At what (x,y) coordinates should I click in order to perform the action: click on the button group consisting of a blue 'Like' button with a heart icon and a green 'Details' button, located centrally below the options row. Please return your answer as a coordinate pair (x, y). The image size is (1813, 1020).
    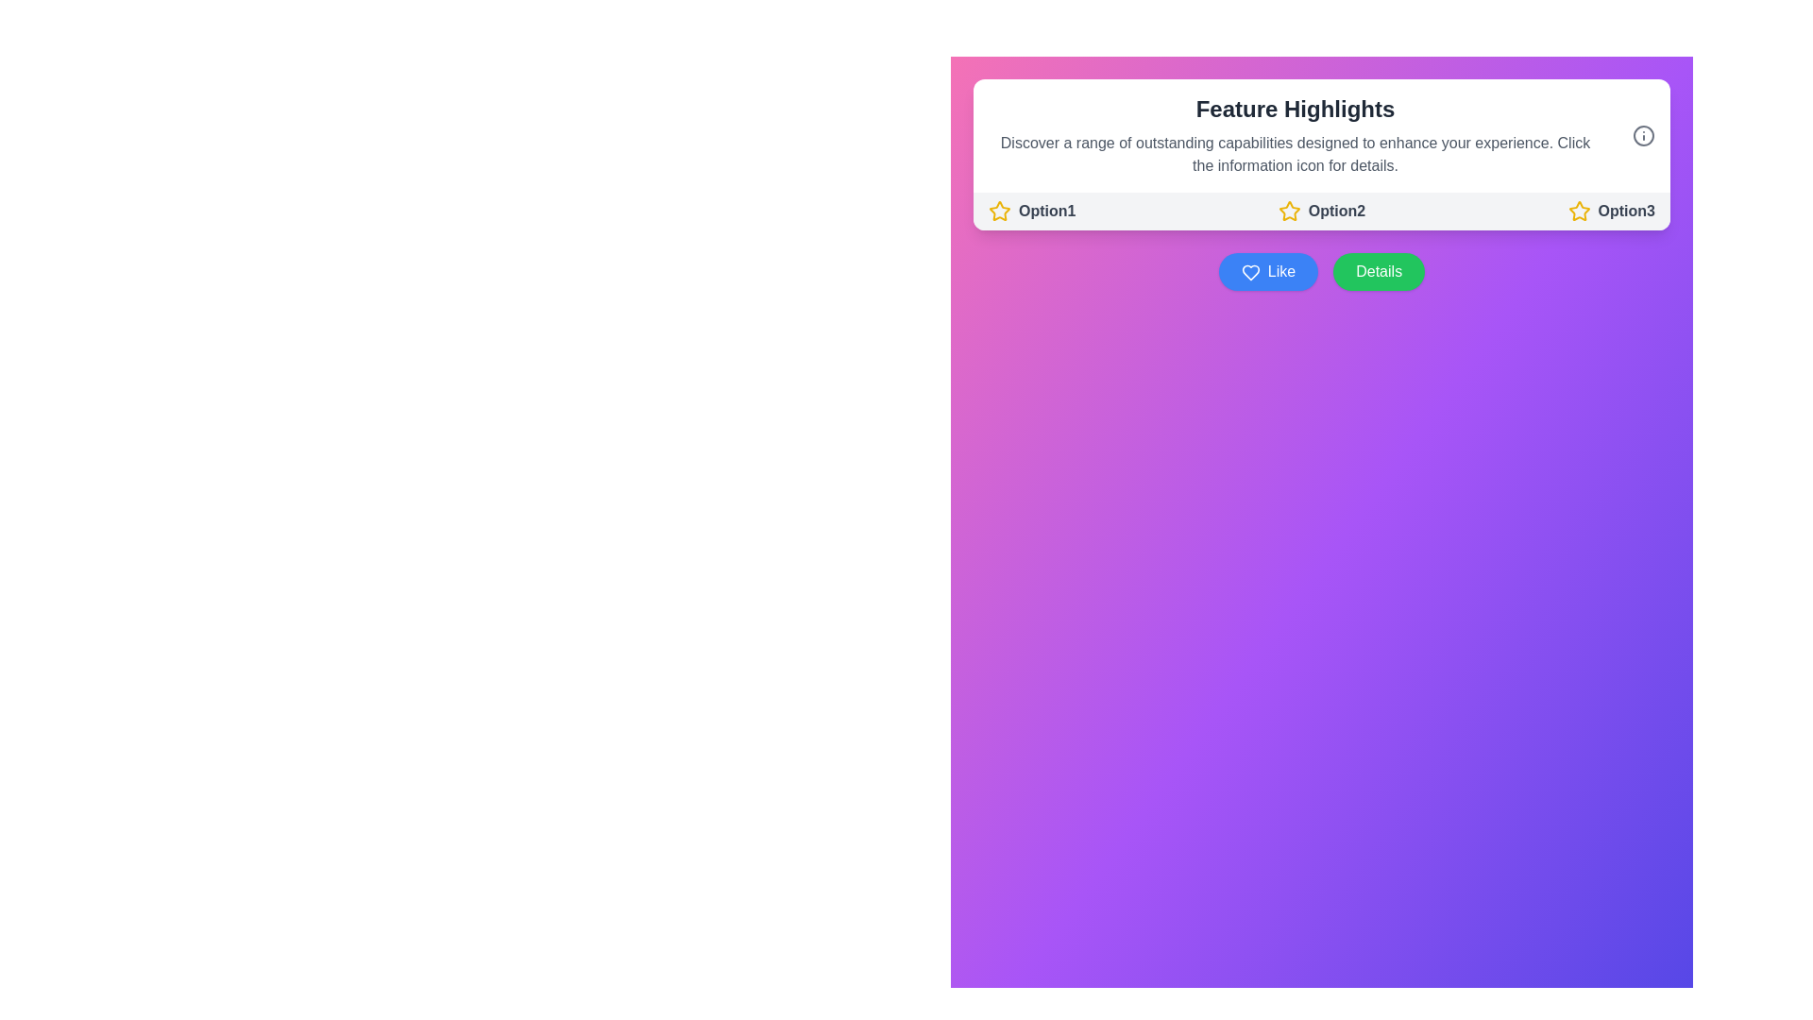
    Looking at the image, I should click on (1321, 272).